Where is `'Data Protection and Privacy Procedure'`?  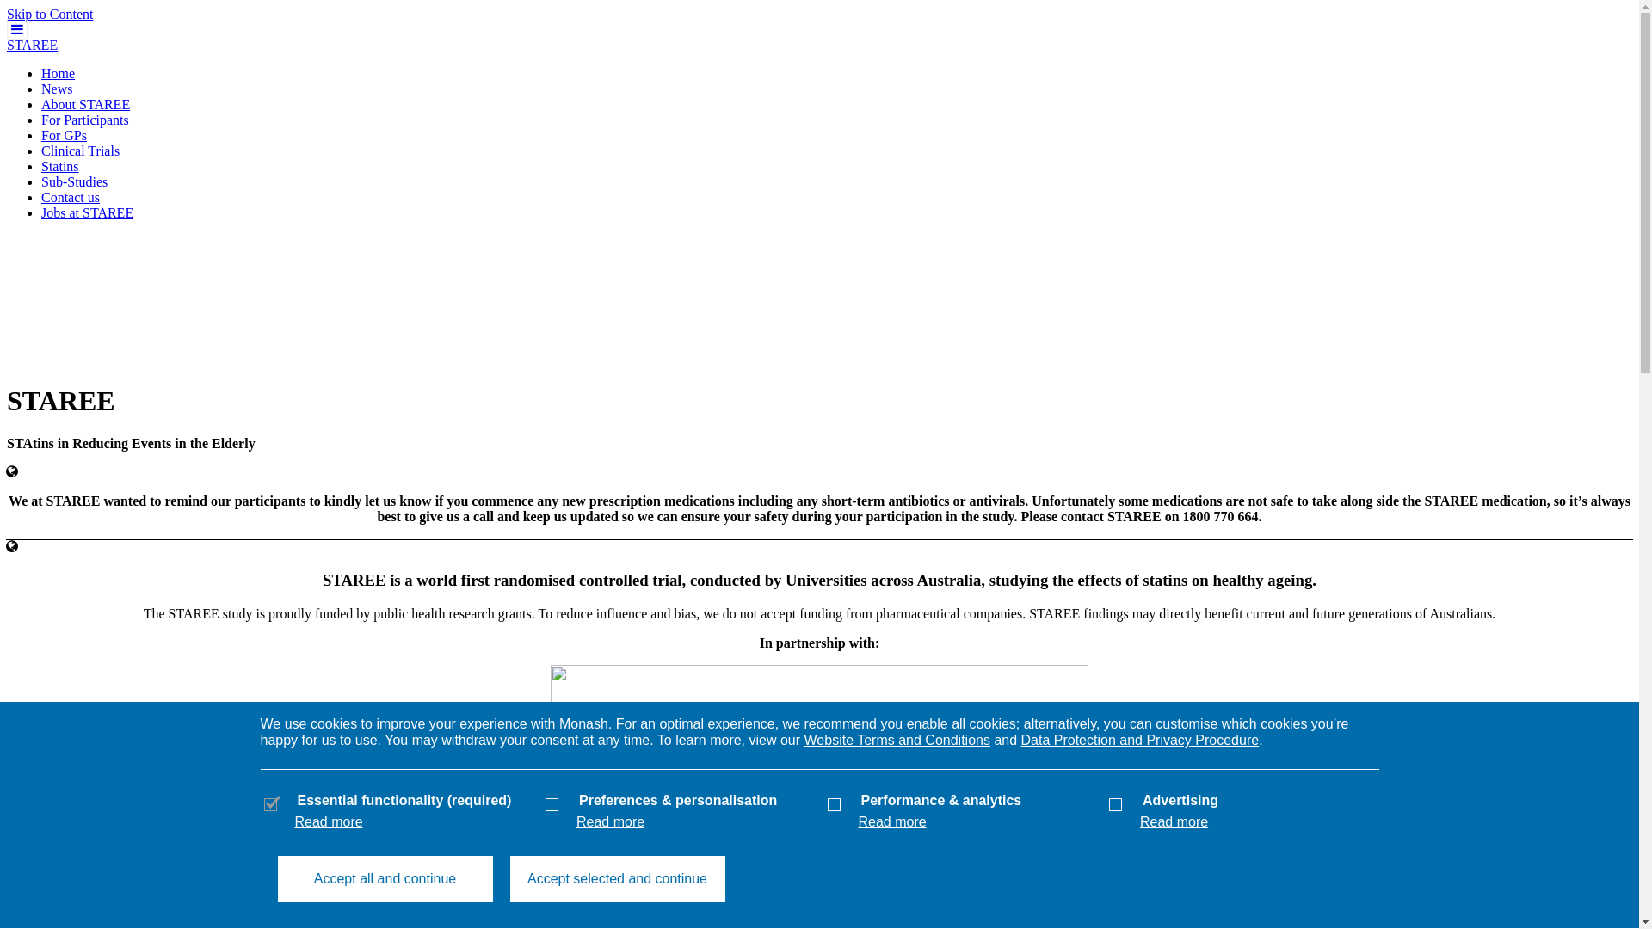 'Data Protection and Privacy Procedure' is located at coordinates (1020, 739).